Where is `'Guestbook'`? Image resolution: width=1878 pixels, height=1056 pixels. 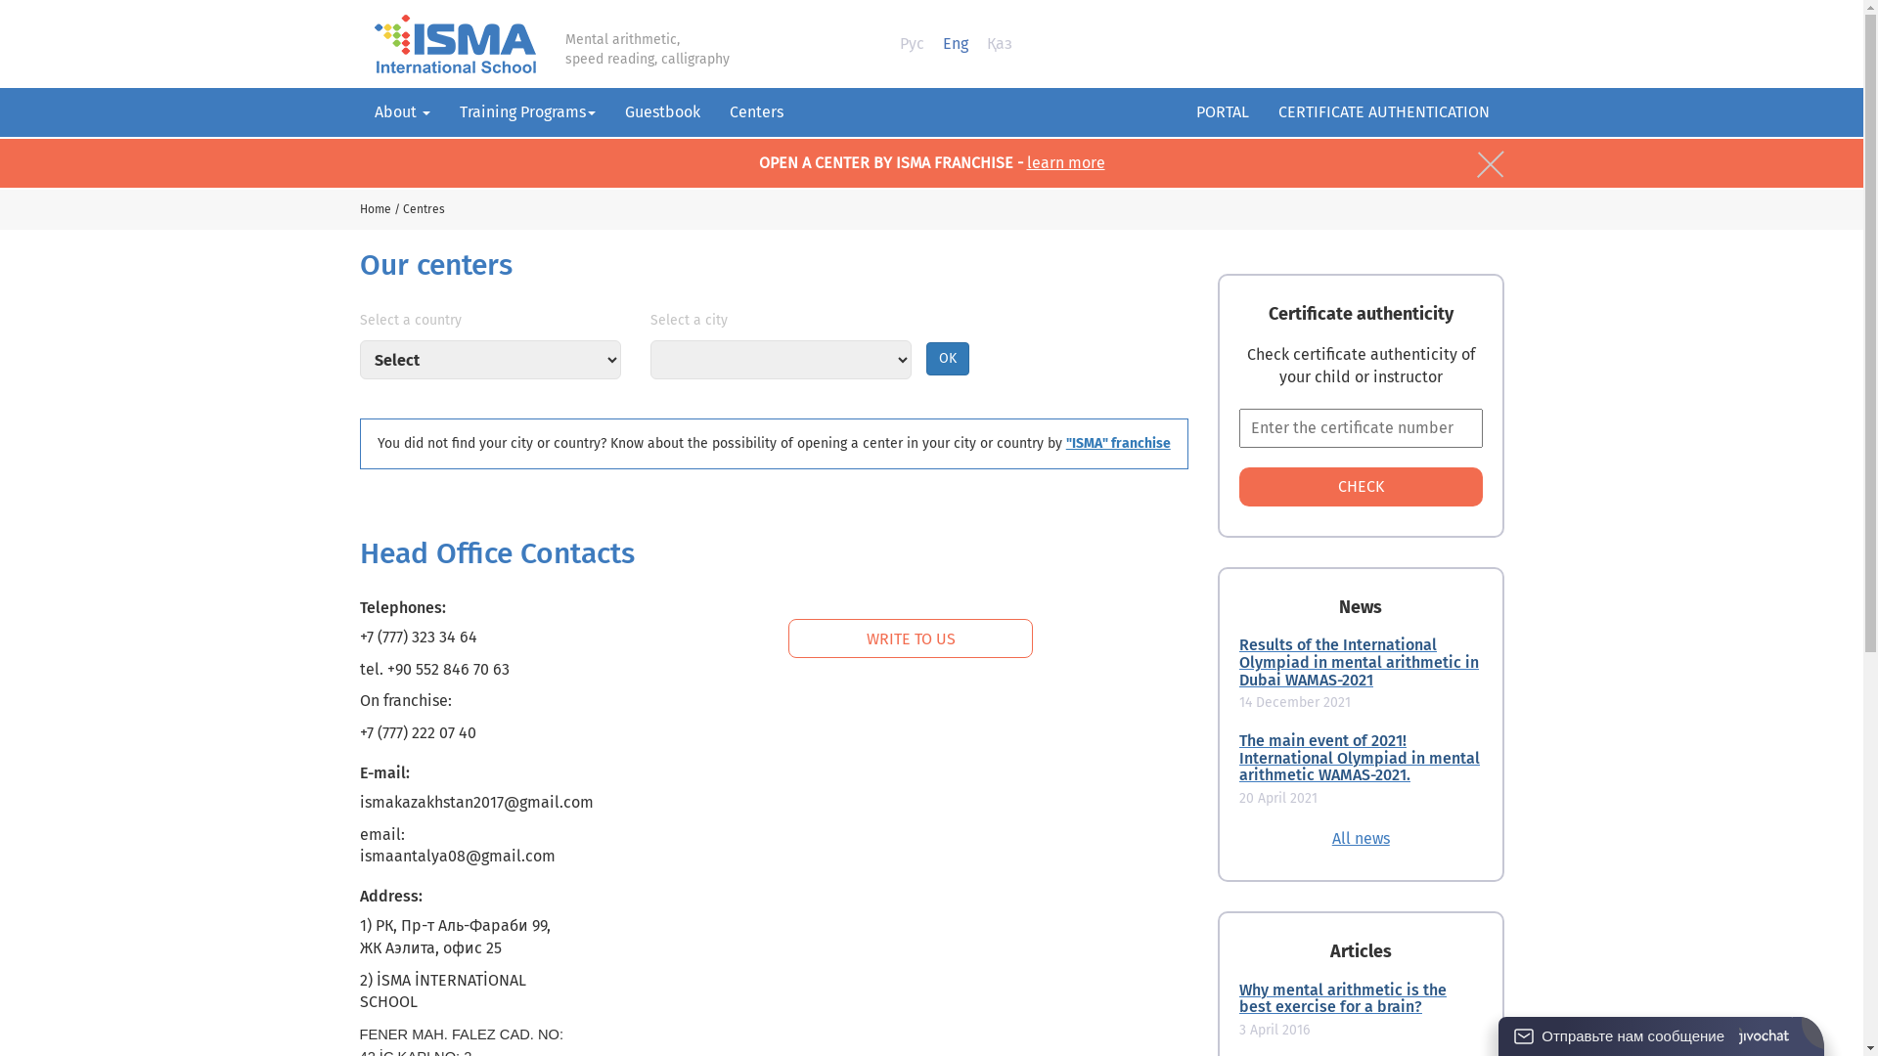
'Guestbook' is located at coordinates (662, 112).